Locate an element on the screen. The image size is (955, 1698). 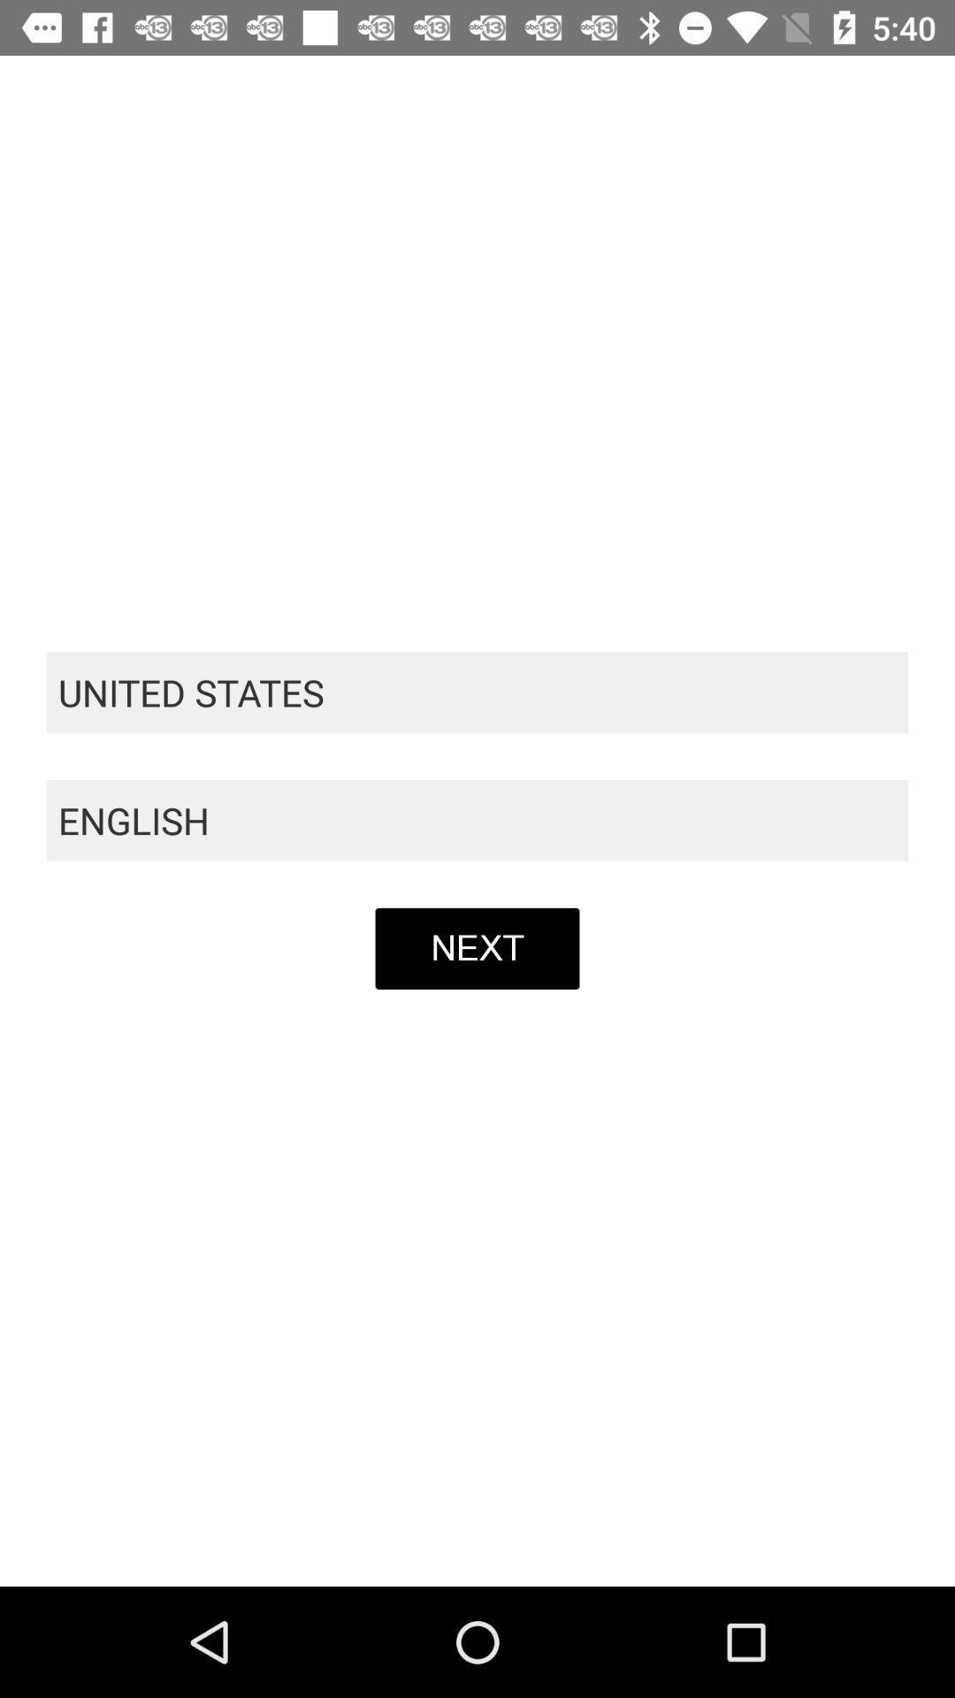
item below the english item is located at coordinates (477, 947).